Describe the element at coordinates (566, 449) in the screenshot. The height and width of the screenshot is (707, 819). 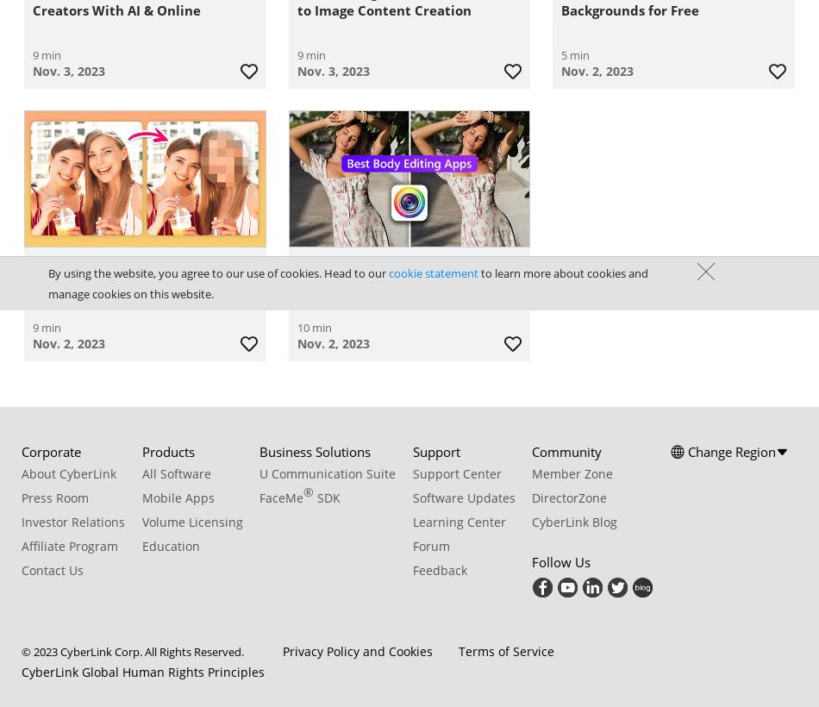
I see `'Community'` at that location.